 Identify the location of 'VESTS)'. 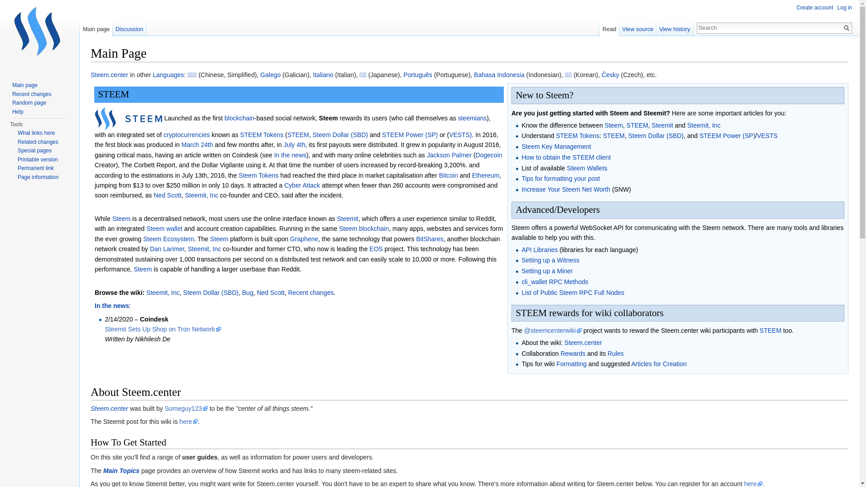
(449, 135).